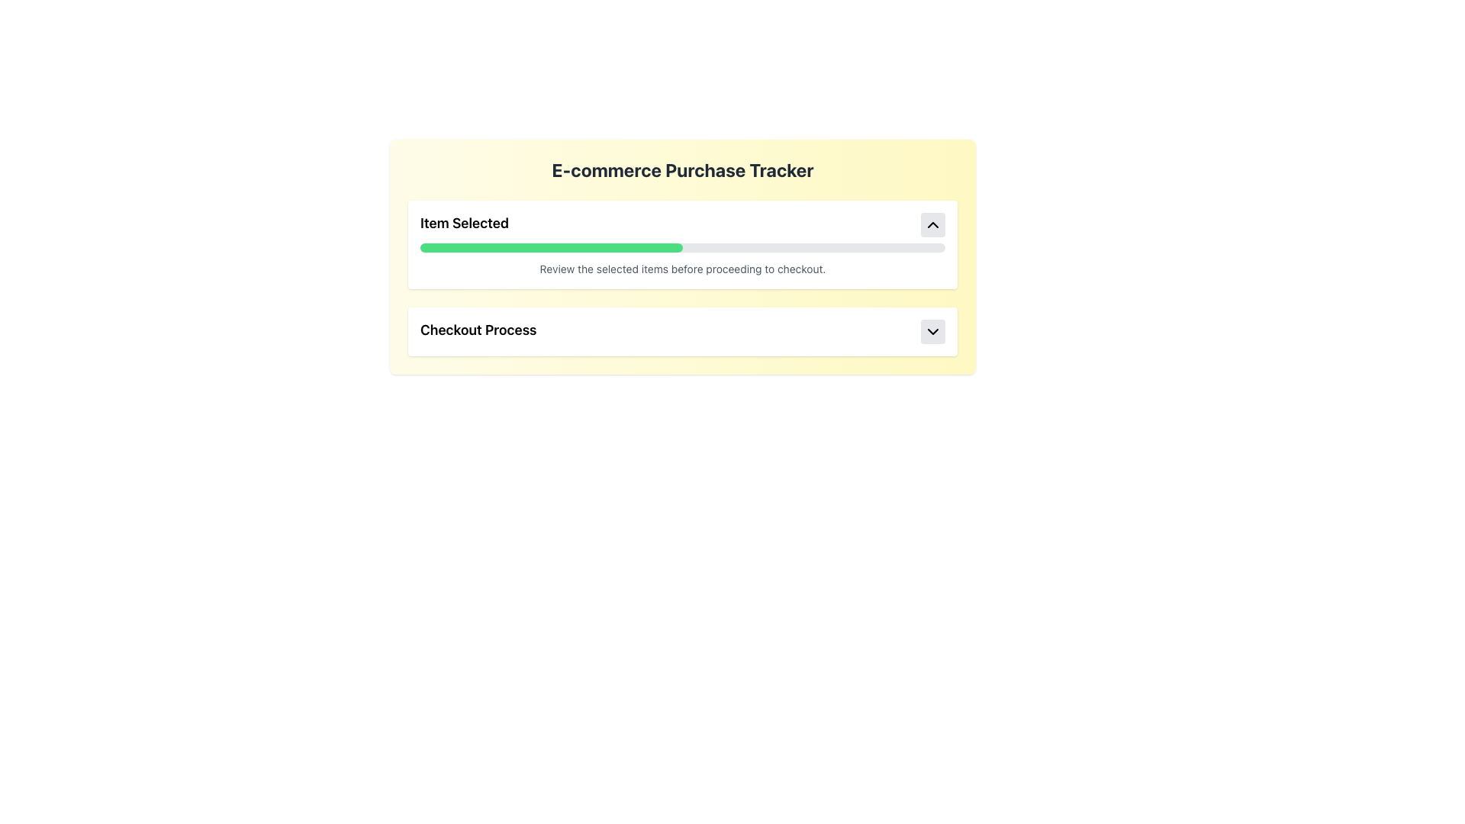 The width and height of the screenshot is (1465, 824). I want to click on the small rectangular button with a gray background and rounded corners, featuring a black downward-pointing chevron icon, so click(932, 331).